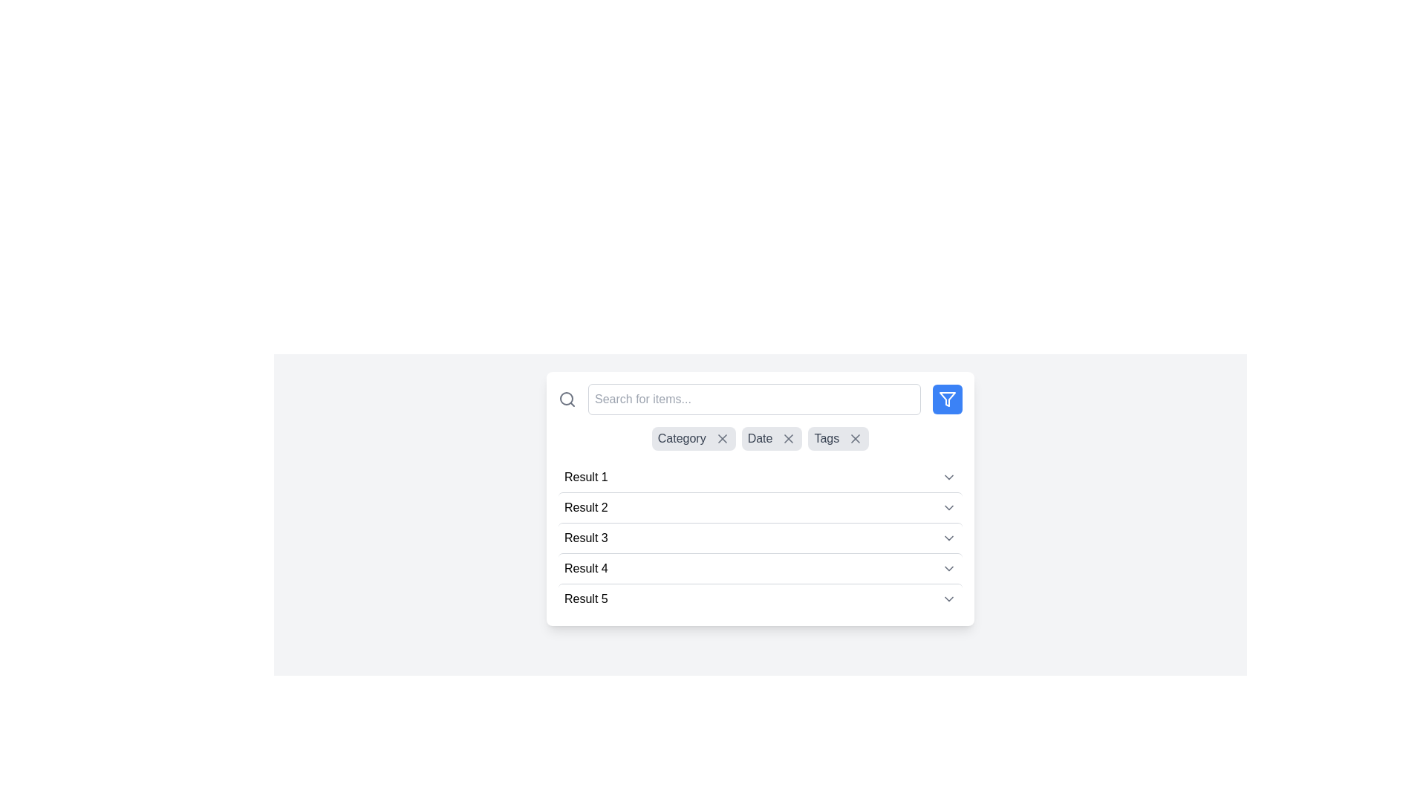  What do you see at coordinates (693, 437) in the screenshot?
I see `the 'Category' tag with a remove button, which is a rounded rectangle with a light gray background and contains an 'X' icon on the right` at bounding box center [693, 437].